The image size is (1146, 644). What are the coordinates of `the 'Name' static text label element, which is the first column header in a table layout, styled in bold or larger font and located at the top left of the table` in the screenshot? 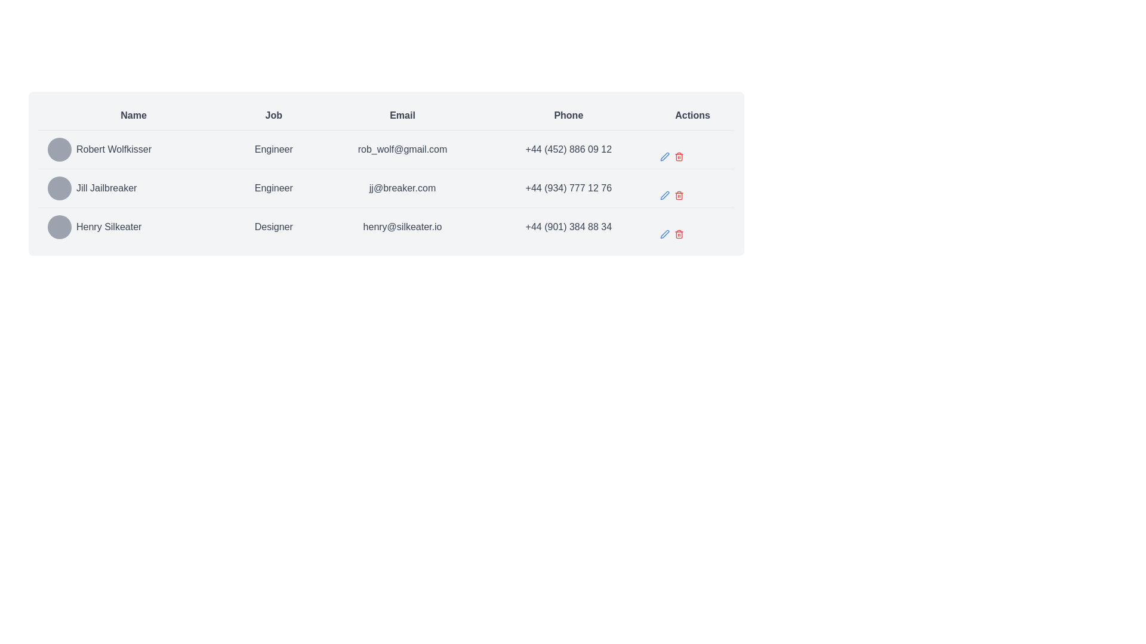 It's located at (134, 116).